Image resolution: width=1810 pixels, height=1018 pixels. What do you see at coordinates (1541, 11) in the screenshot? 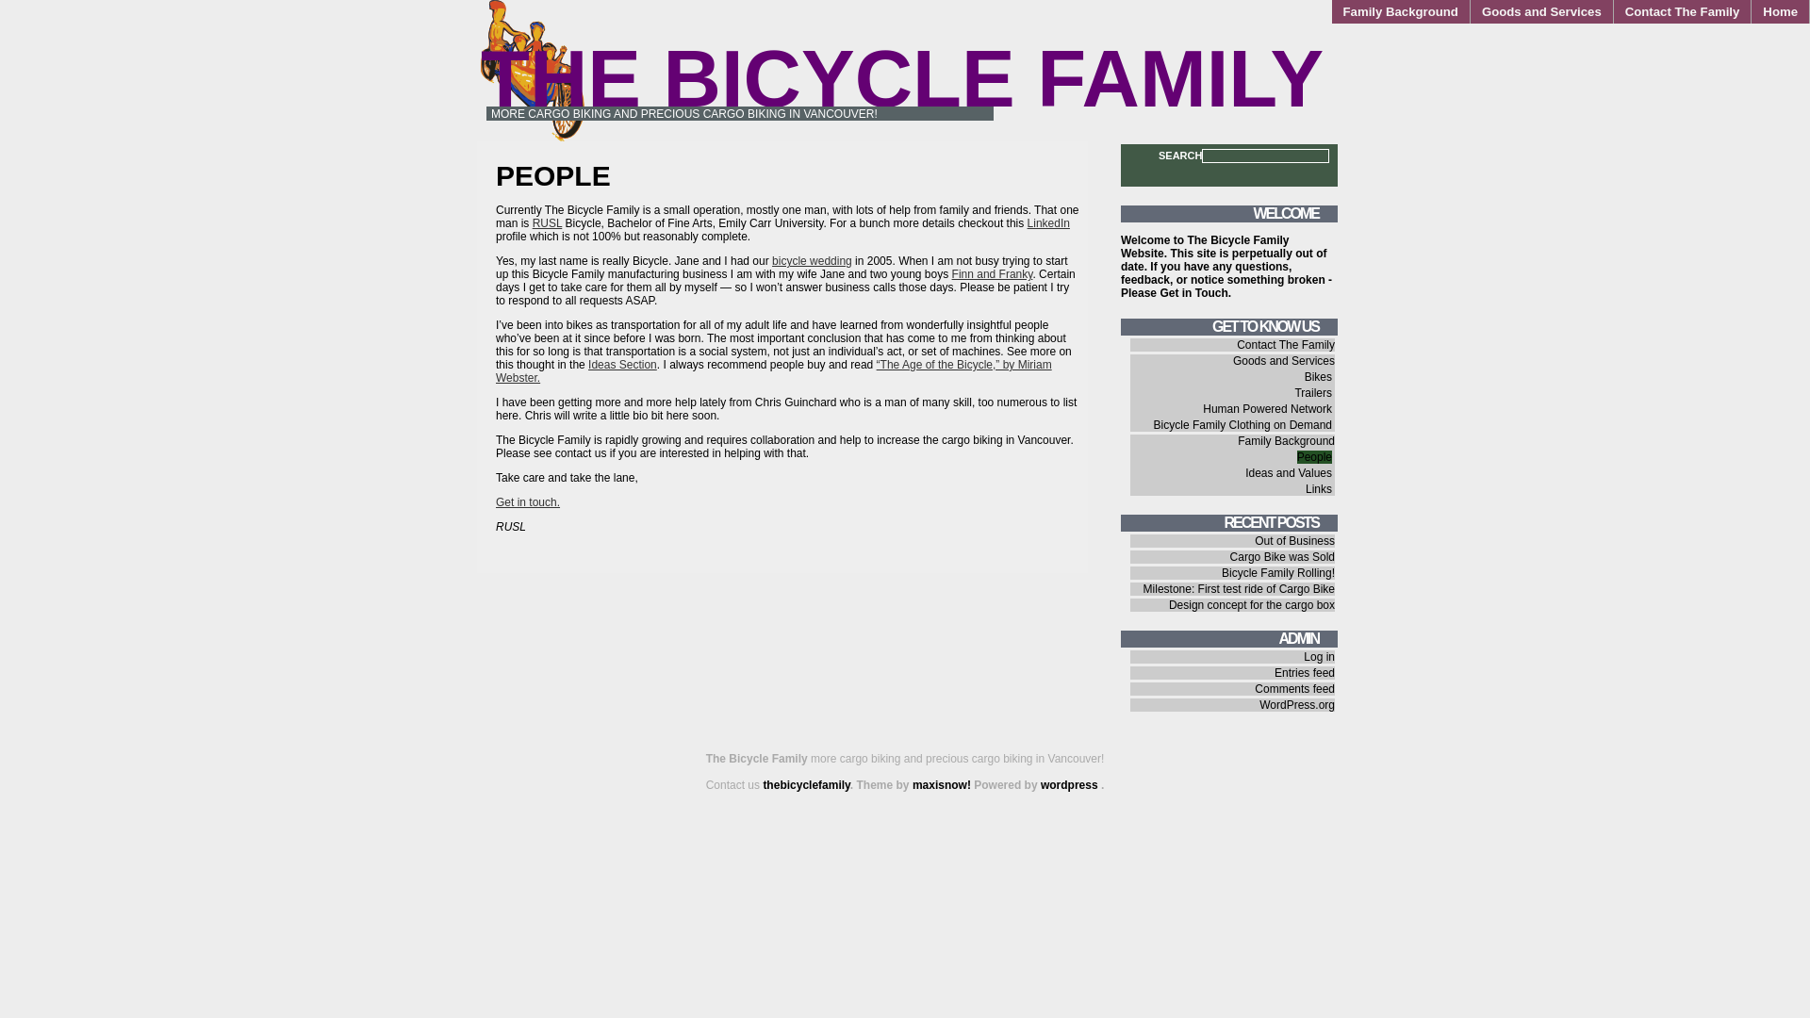
I see `'Goods and Services'` at bounding box center [1541, 11].